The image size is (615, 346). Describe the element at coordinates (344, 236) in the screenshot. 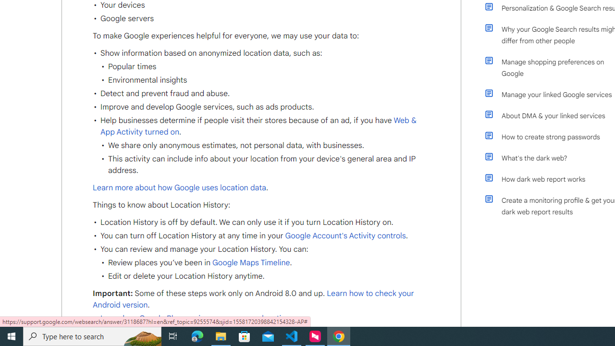

I see `' Google Account'` at that location.